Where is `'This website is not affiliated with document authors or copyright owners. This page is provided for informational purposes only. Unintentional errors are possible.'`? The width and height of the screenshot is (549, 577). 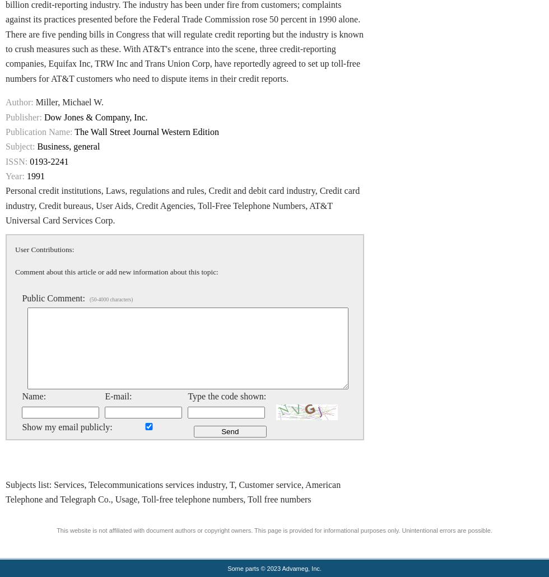 'This website is not affiliated with document authors or copyright owners. This page is provided for informational purposes only. Unintentional errors are possible.' is located at coordinates (274, 529).